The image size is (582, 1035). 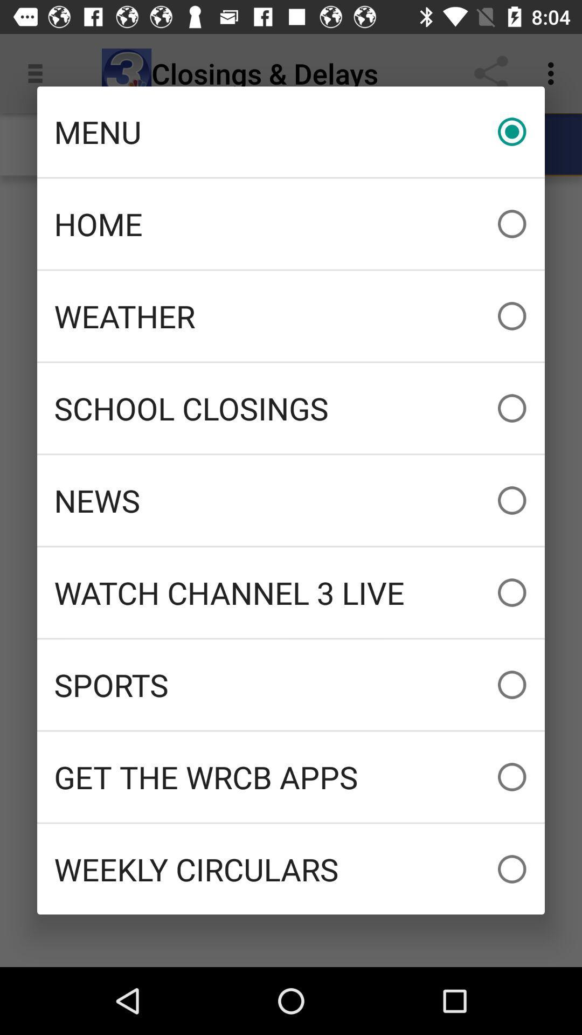 What do you see at coordinates (291, 315) in the screenshot?
I see `the icon below home icon` at bounding box center [291, 315].